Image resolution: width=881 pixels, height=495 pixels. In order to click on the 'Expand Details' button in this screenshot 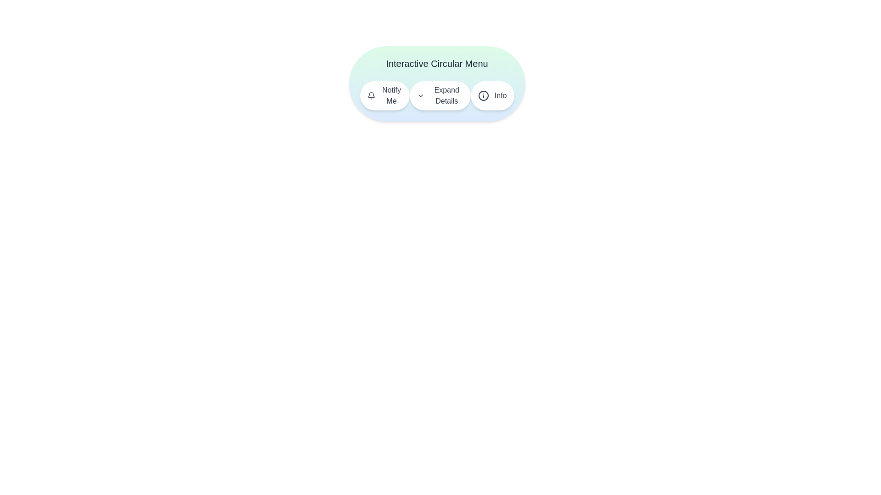, I will do `click(440, 95)`.